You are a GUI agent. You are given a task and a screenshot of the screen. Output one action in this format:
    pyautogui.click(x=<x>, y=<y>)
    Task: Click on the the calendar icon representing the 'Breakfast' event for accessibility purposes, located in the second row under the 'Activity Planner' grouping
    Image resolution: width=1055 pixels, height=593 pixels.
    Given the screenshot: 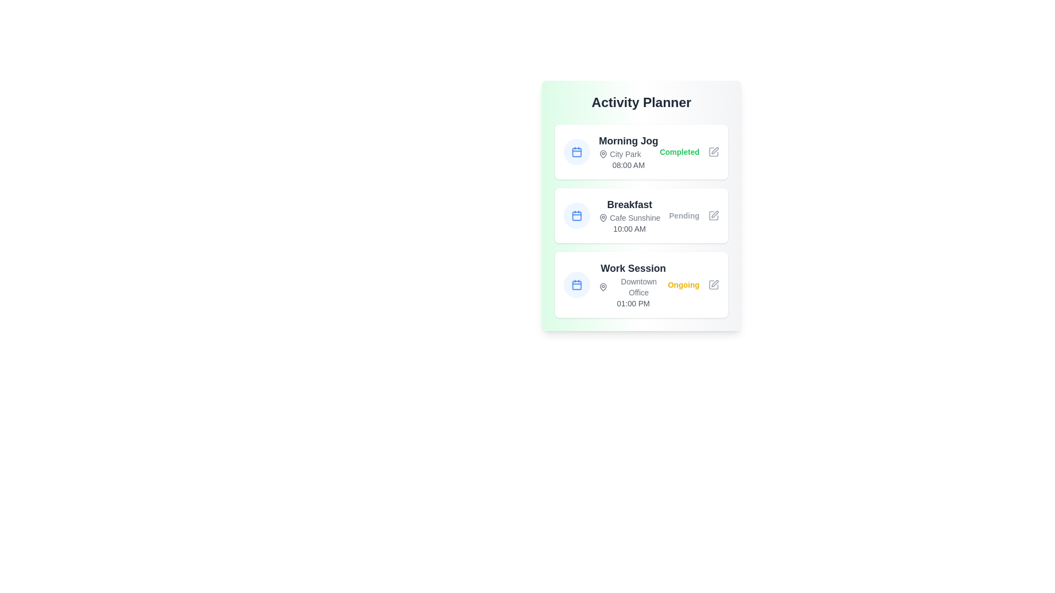 What is the action you would take?
    pyautogui.click(x=576, y=216)
    